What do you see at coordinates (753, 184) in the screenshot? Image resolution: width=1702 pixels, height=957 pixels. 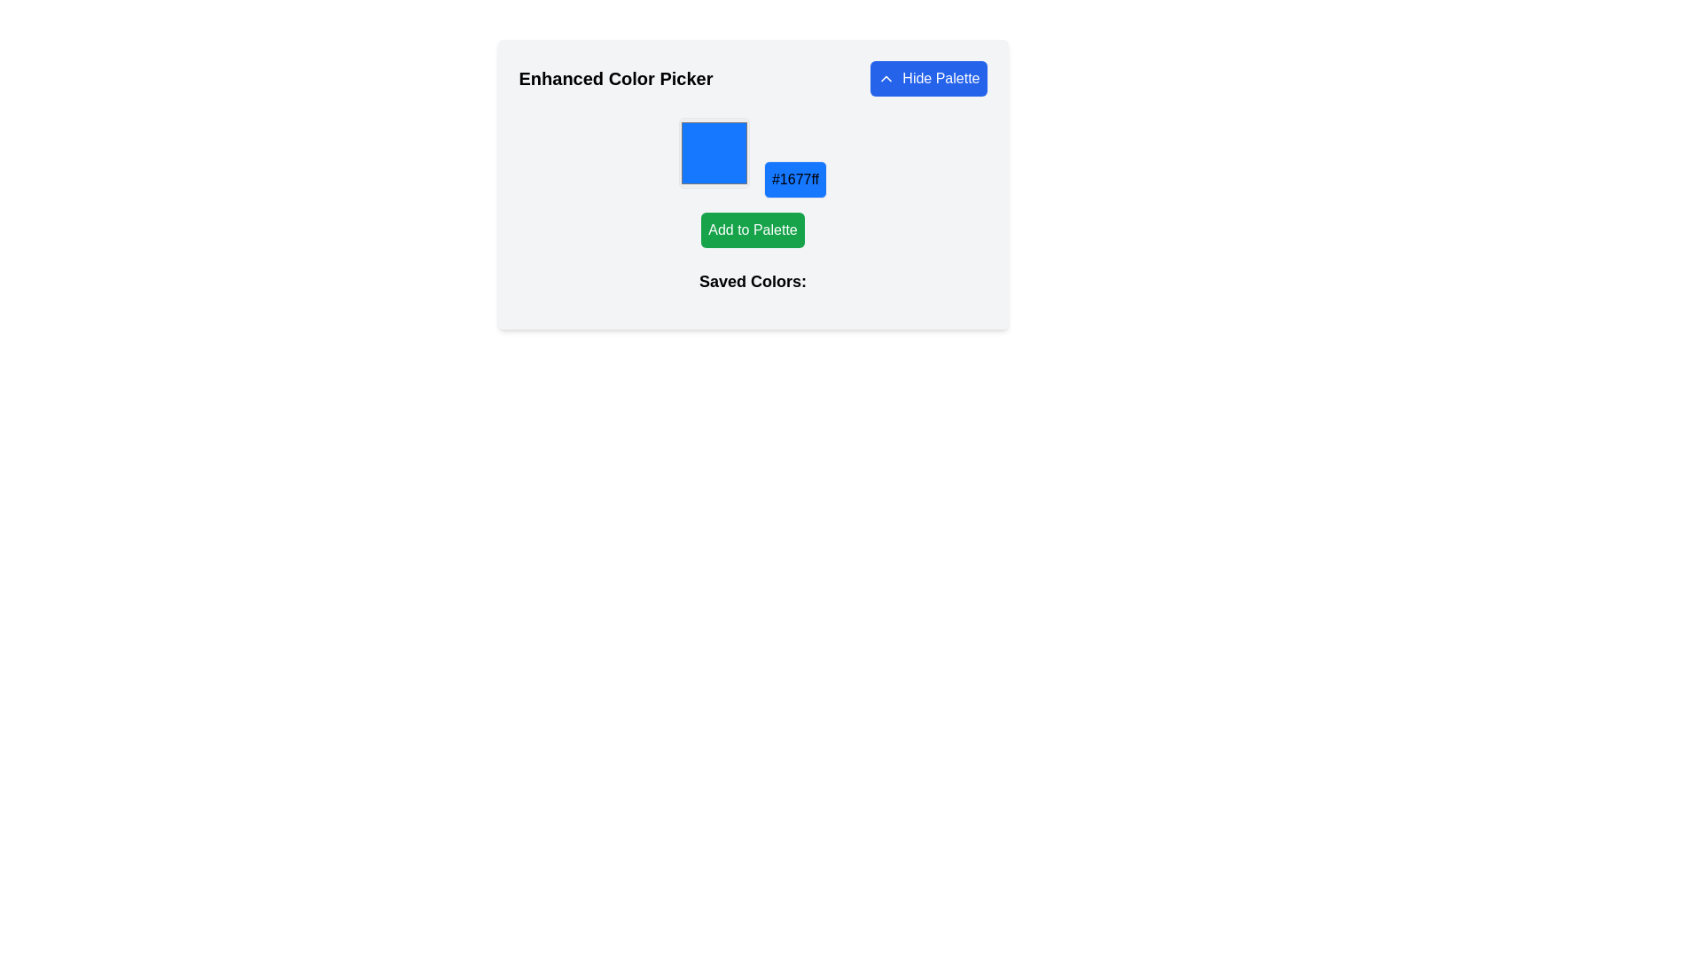 I see `the Color Picker located beneath the 'Enhanced Color Picker' header` at bounding box center [753, 184].